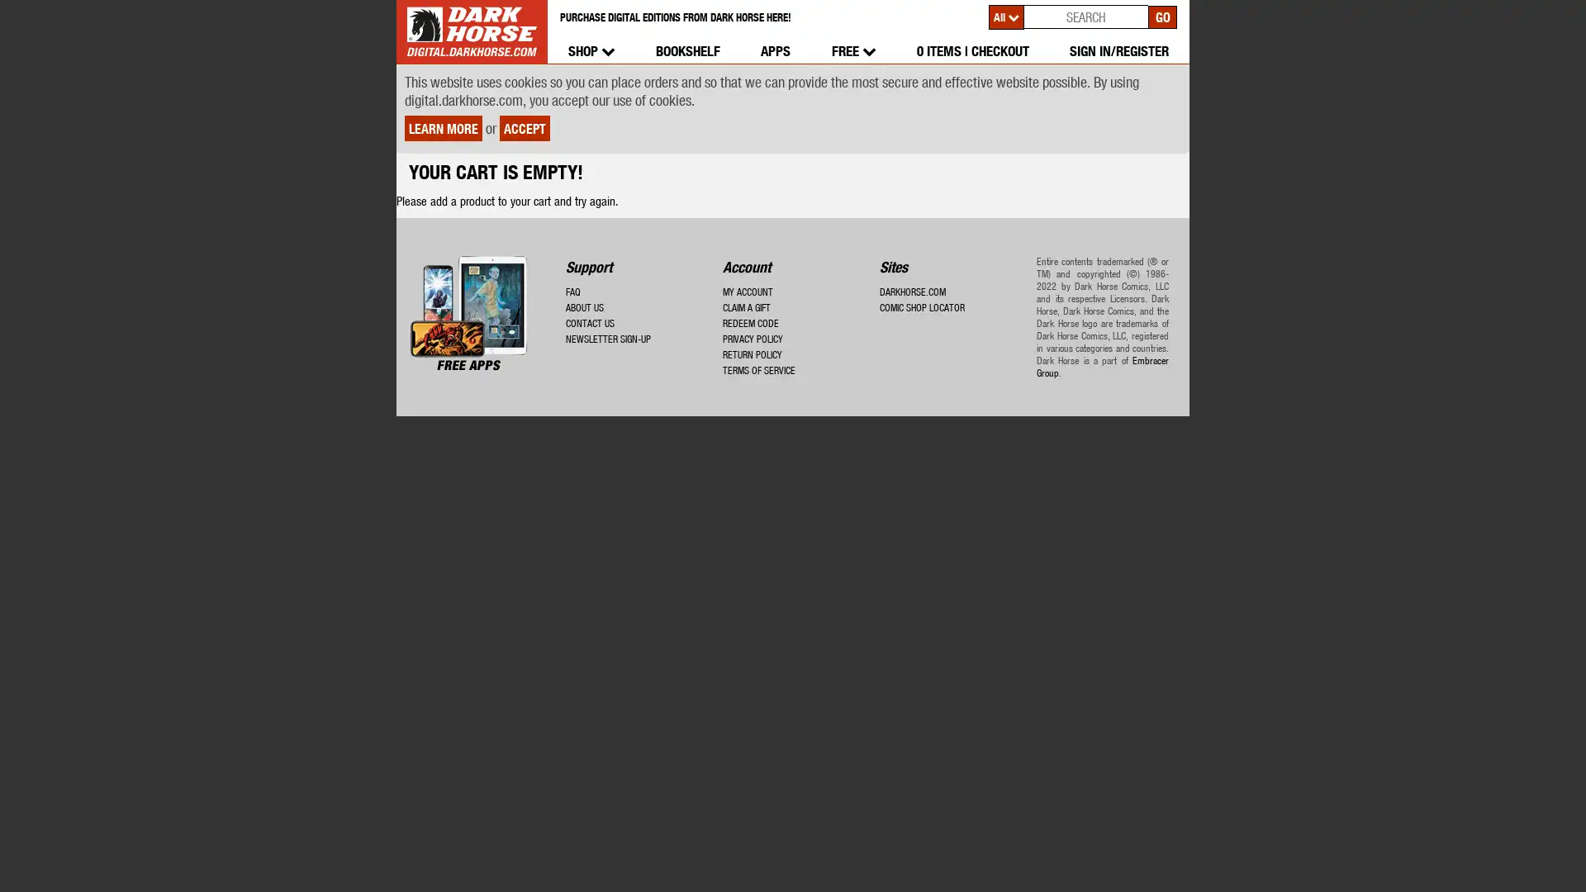  I want to click on GO, so click(1161, 16).